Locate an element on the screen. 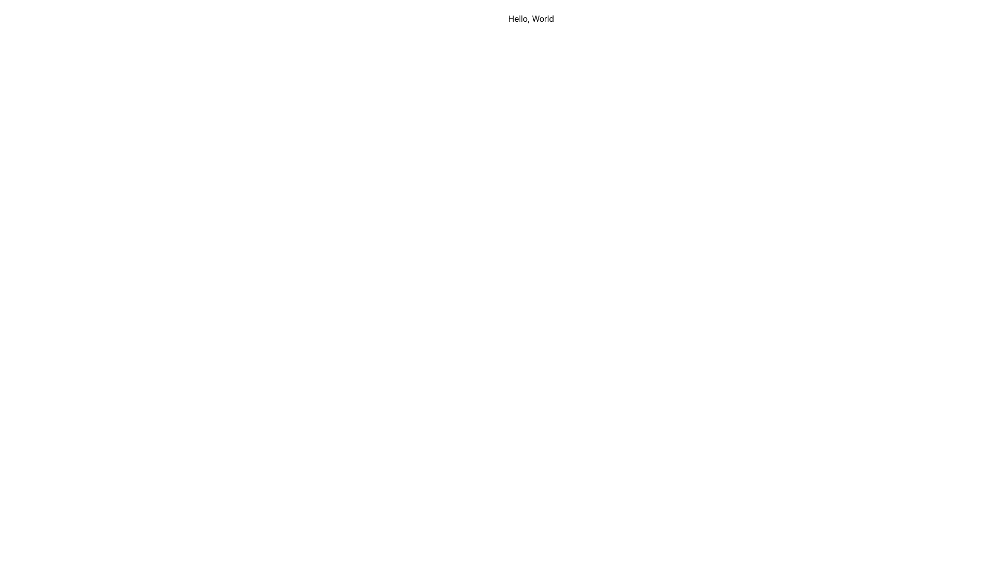  the text label that reads 'Hello, World', styled in black font, located at the top of the white canvas area is located at coordinates (531, 18).